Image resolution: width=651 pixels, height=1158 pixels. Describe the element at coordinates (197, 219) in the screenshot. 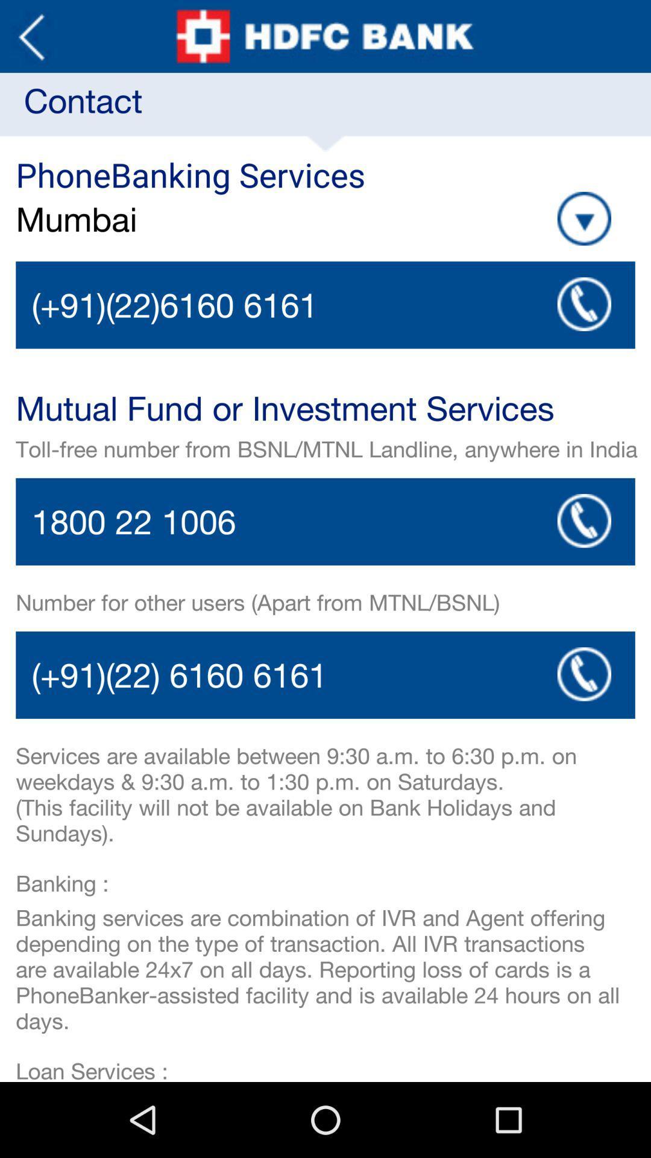

I see `mumbai item` at that location.